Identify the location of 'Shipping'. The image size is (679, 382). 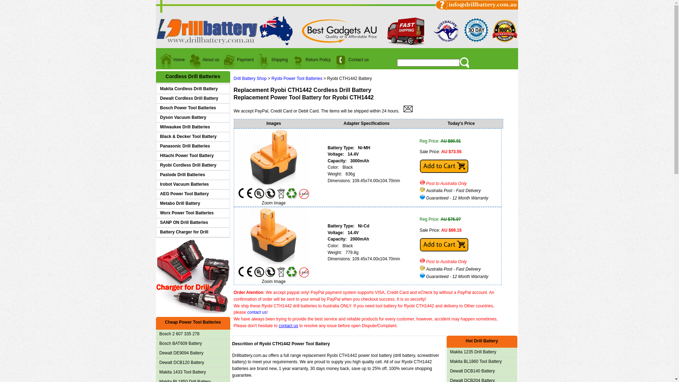
(272, 62).